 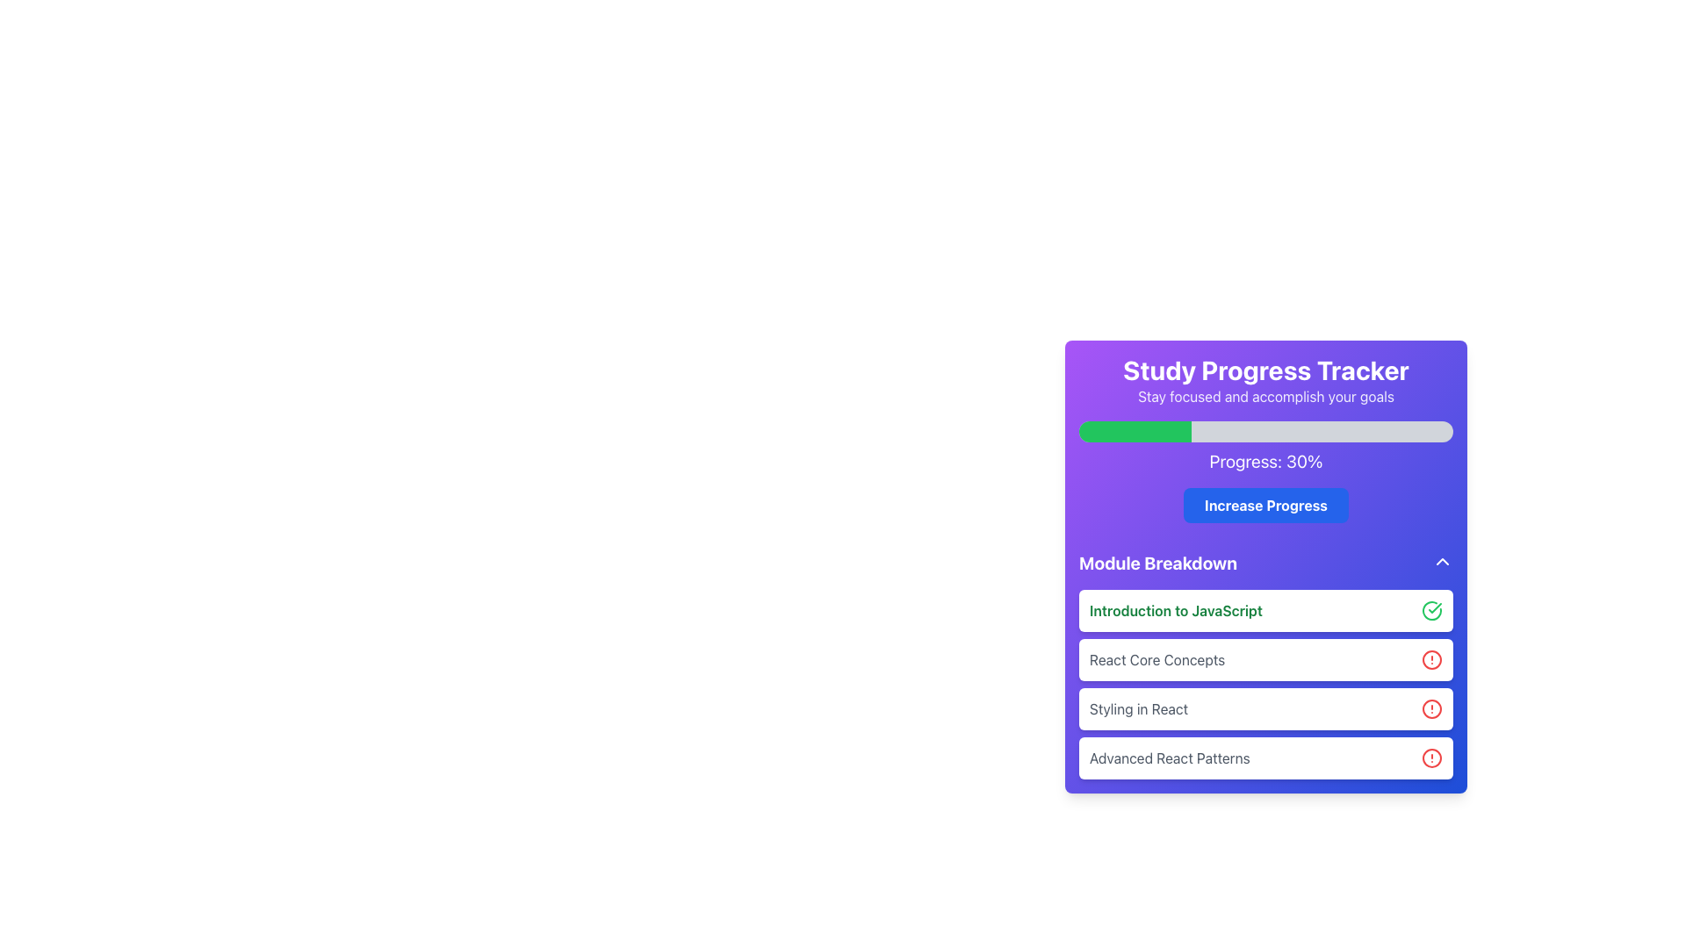 I want to click on to select the module titled 'React Core Concepts', which is the second item in the Module Breakdown list, located below 'Introduction to JavaScript' and above 'Styling in React', so click(x=1265, y=660).